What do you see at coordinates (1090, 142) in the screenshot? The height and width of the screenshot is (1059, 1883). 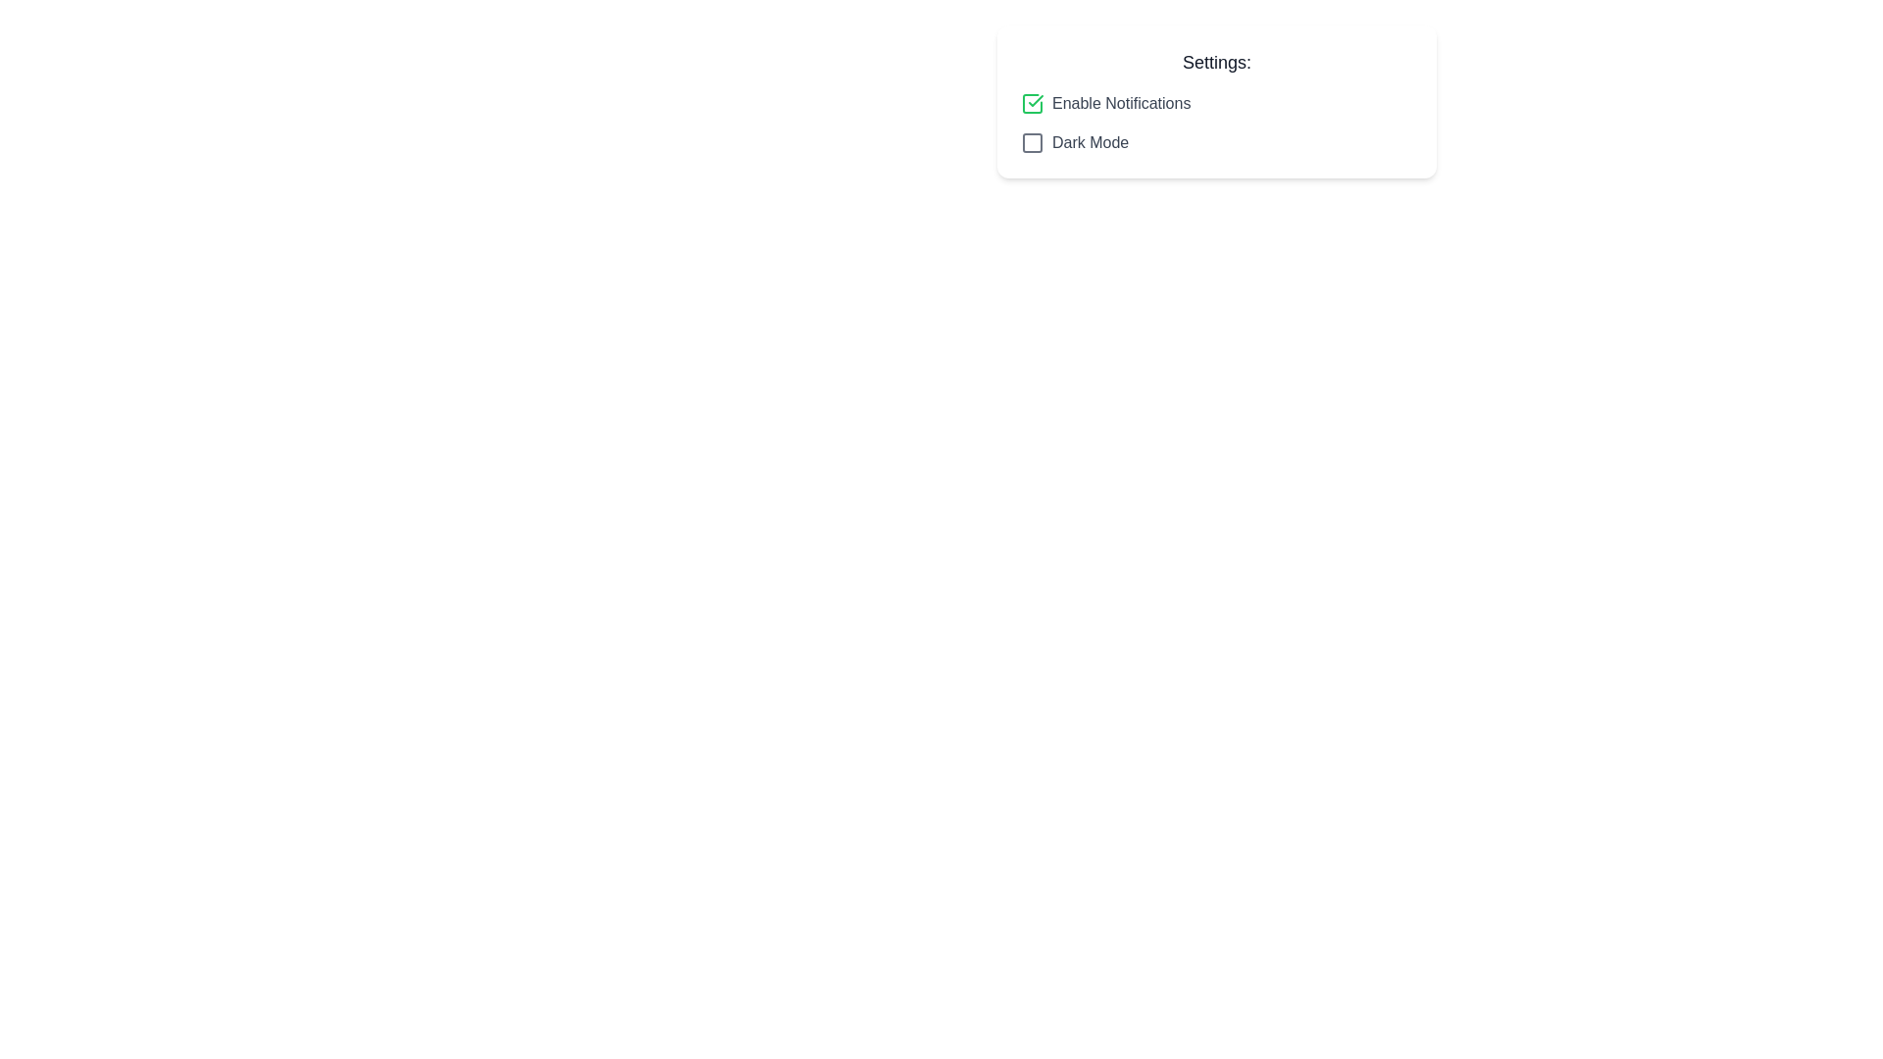 I see `the center of the 'Dark Mode' label to toggle its associated switch` at bounding box center [1090, 142].